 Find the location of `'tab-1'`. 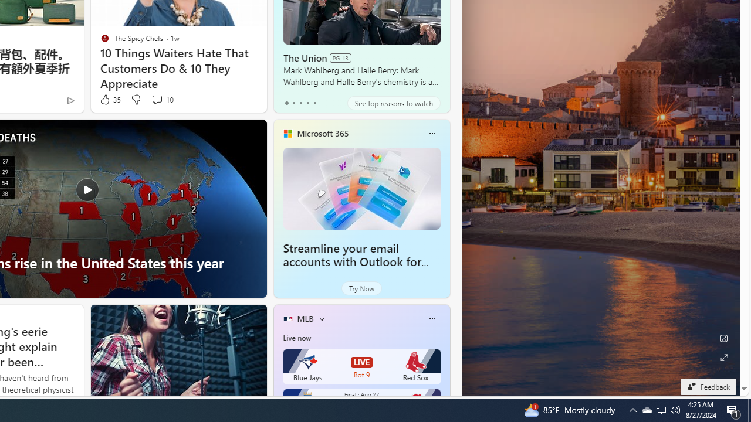

'tab-1' is located at coordinates (293, 103).